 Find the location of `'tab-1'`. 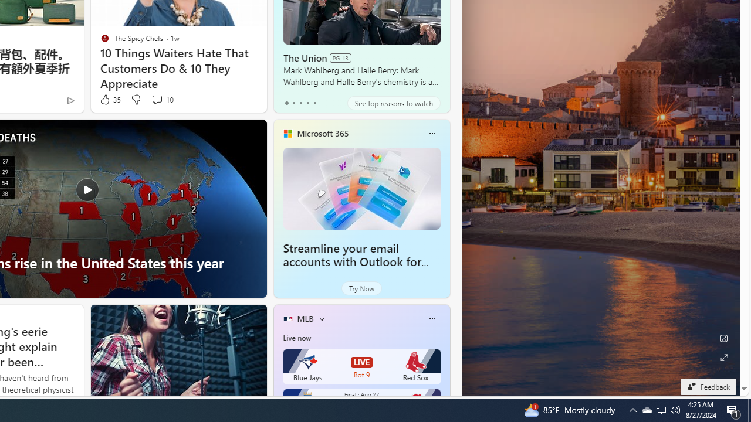

'tab-1' is located at coordinates (293, 103).